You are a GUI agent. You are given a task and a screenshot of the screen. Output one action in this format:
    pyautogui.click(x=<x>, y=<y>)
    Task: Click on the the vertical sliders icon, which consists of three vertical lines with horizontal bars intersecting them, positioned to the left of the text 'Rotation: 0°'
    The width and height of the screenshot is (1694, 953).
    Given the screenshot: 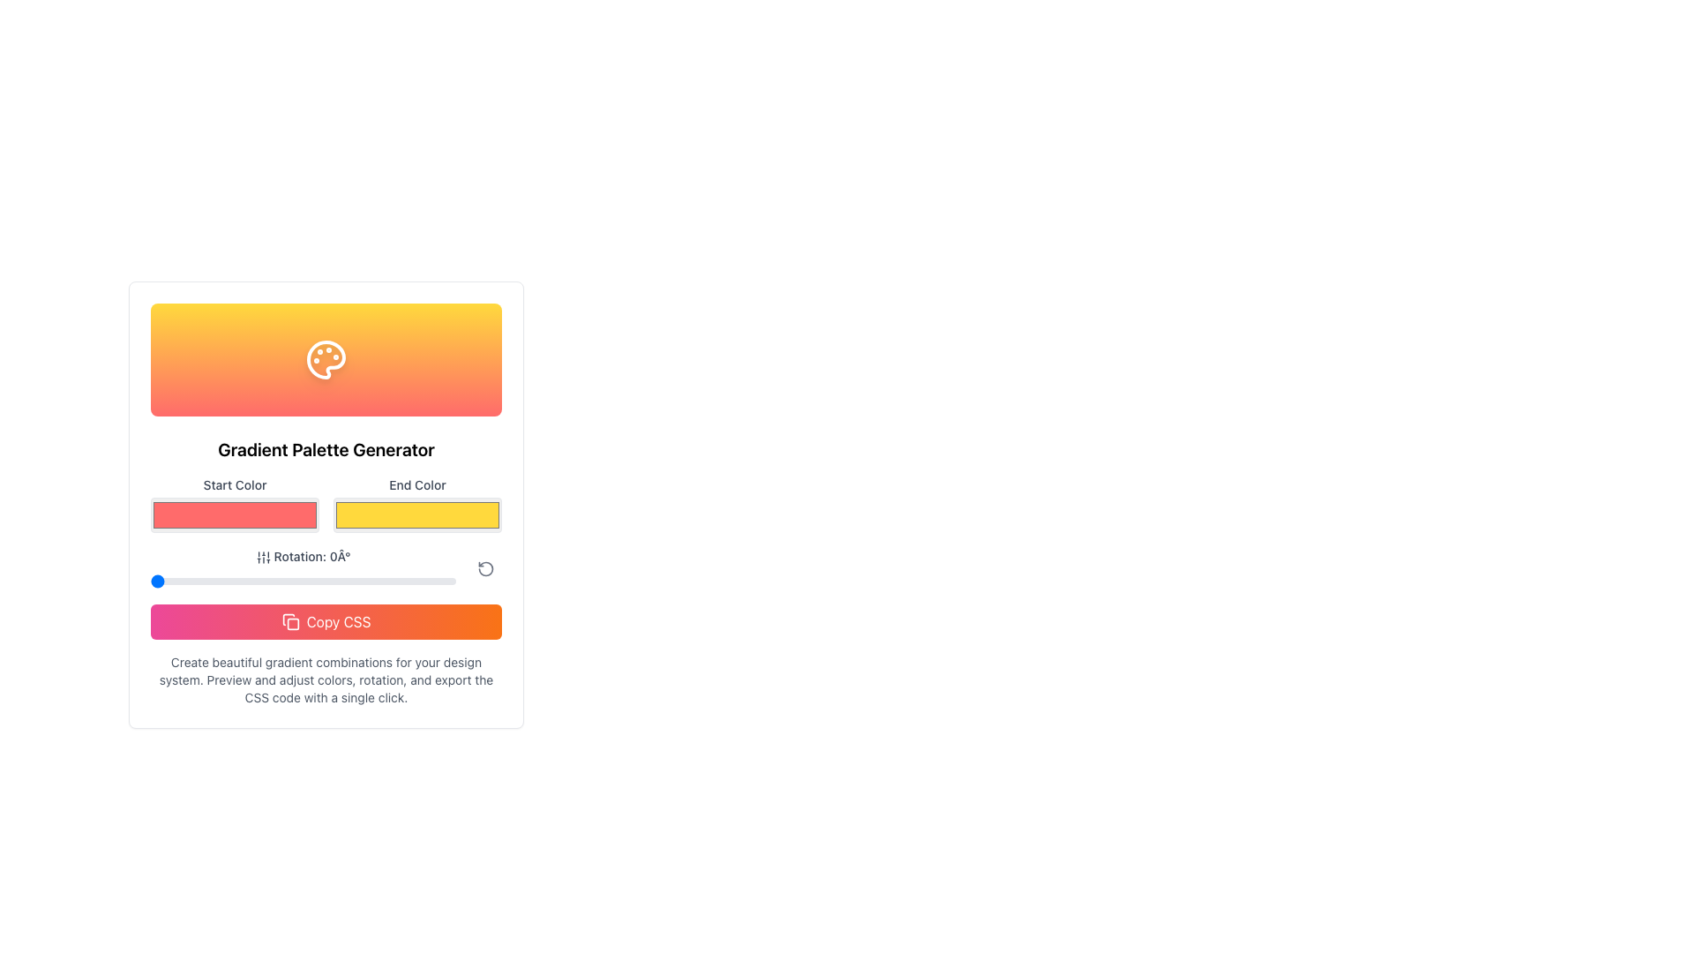 What is the action you would take?
    pyautogui.click(x=262, y=558)
    